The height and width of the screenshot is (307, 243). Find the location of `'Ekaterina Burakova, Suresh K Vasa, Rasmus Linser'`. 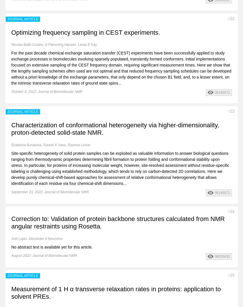

'Ekaterina Burakova, Suresh K Vasa, Rasmus Linser' is located at coordinates (50, 144).